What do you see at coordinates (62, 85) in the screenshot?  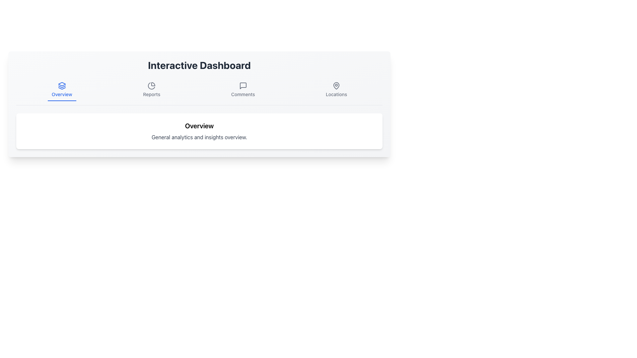 I see `the icon representing overlapping layers with a blue outline, located above the 'Overview' text in the navigation bar` at bounding box center [62, 85].